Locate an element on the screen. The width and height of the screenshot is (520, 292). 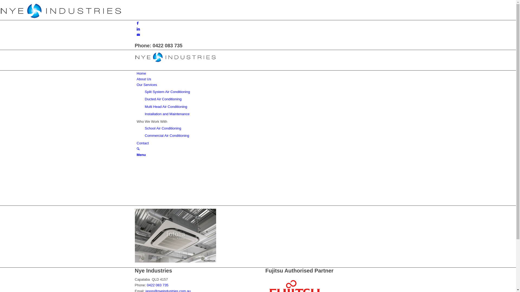
'Multi Head Air Conditioning' is located at coordinates (165, 107).